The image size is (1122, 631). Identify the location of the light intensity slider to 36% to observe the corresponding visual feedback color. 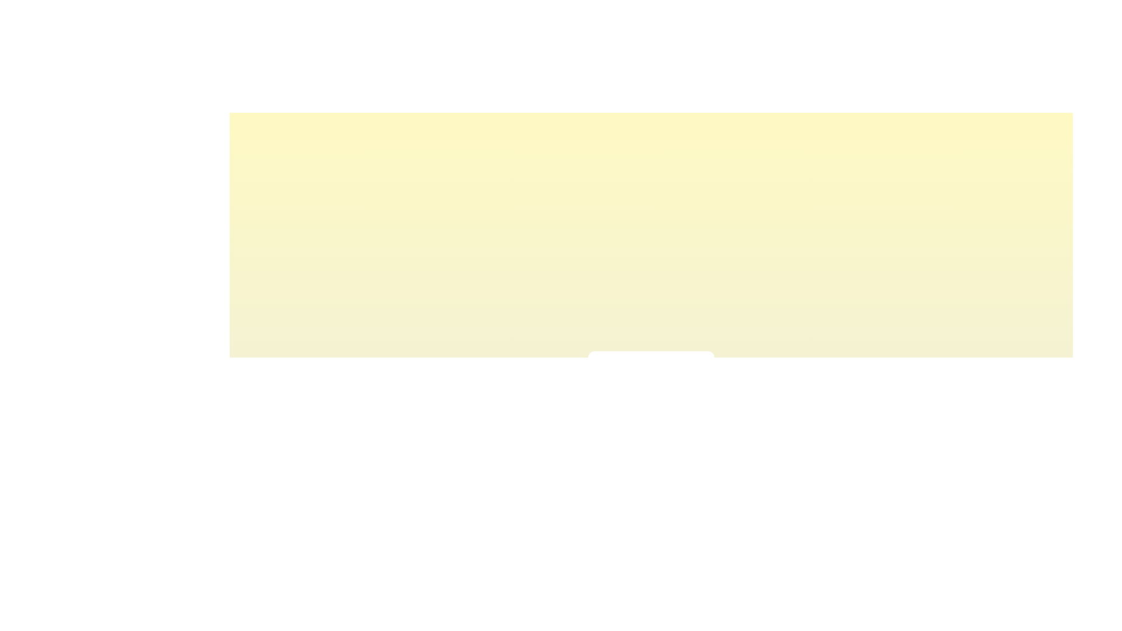
(636, 395).